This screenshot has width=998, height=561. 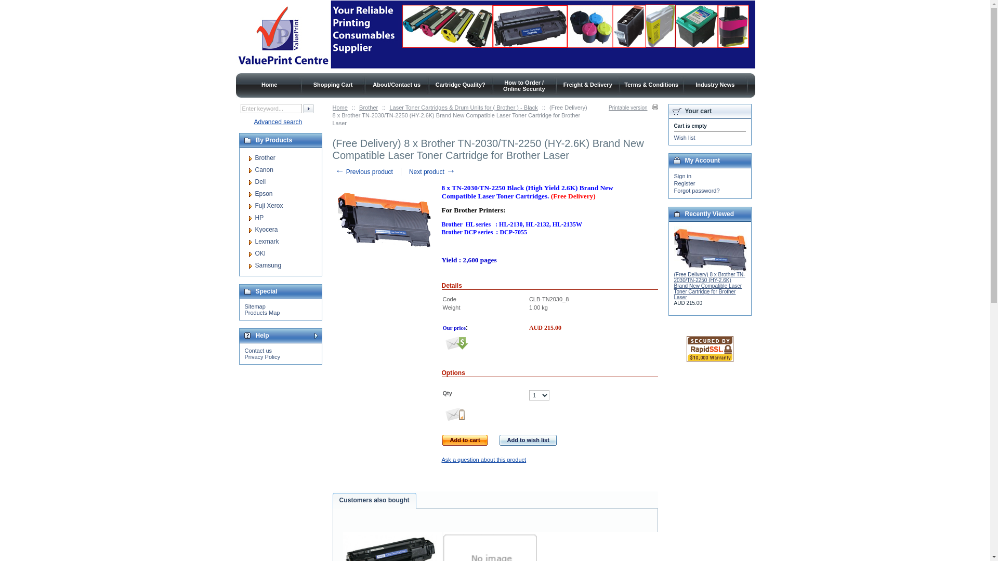 What do you see at coordinates (269, 84) in the screenshot?
I see `'Home'` at bounding box center [269, 84].